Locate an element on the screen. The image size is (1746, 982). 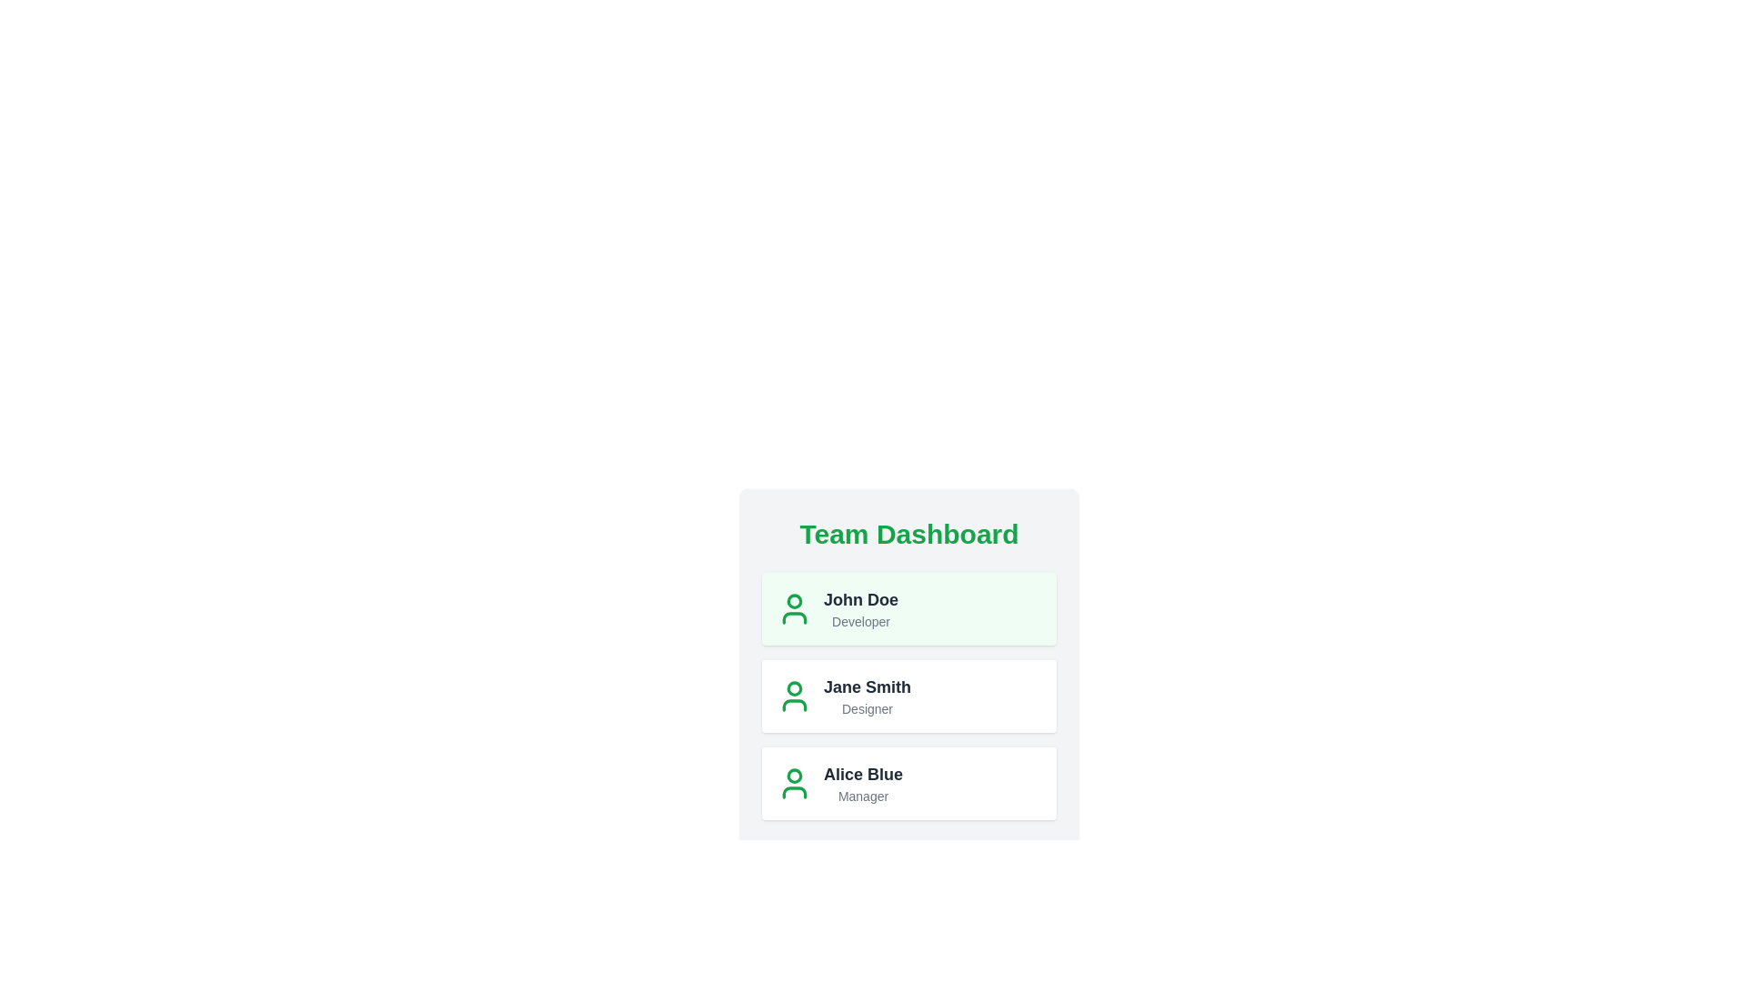
the person icon outlined in green, located to the left of the text 'Alice Blue' and 'Manager' in the 'Team Dashboard.' is located at coordinates (794, 782).